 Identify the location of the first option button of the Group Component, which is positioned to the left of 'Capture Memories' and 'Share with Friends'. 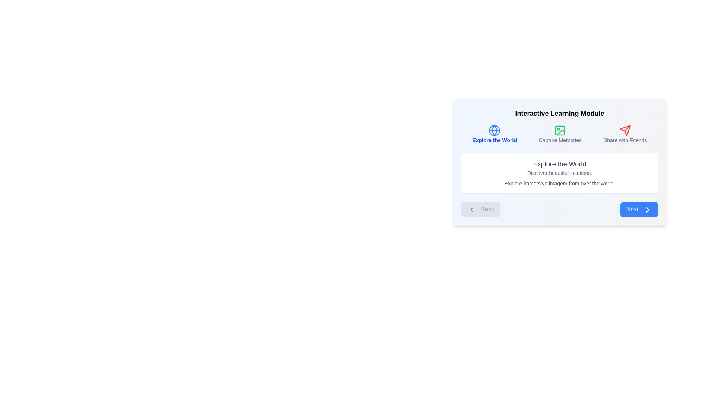
(495, 134).